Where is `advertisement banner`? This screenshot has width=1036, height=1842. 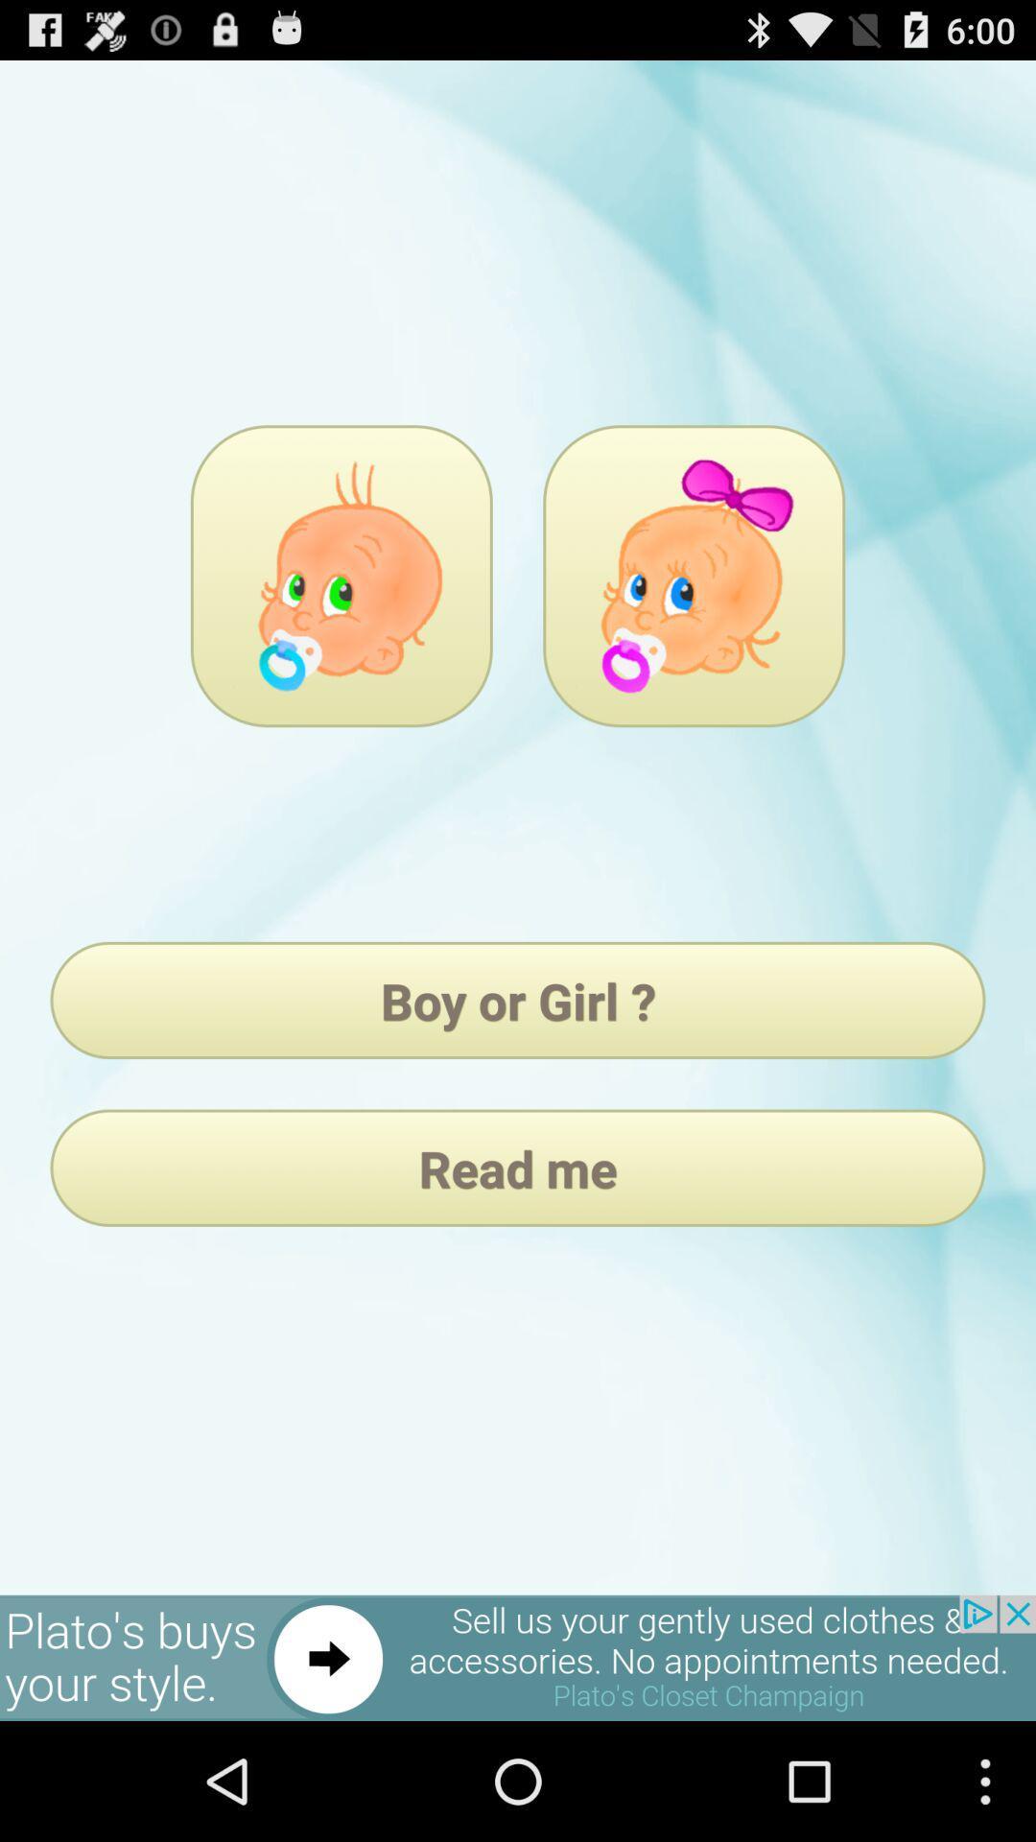 advertisement banner is located at coordinates (518, 1657).